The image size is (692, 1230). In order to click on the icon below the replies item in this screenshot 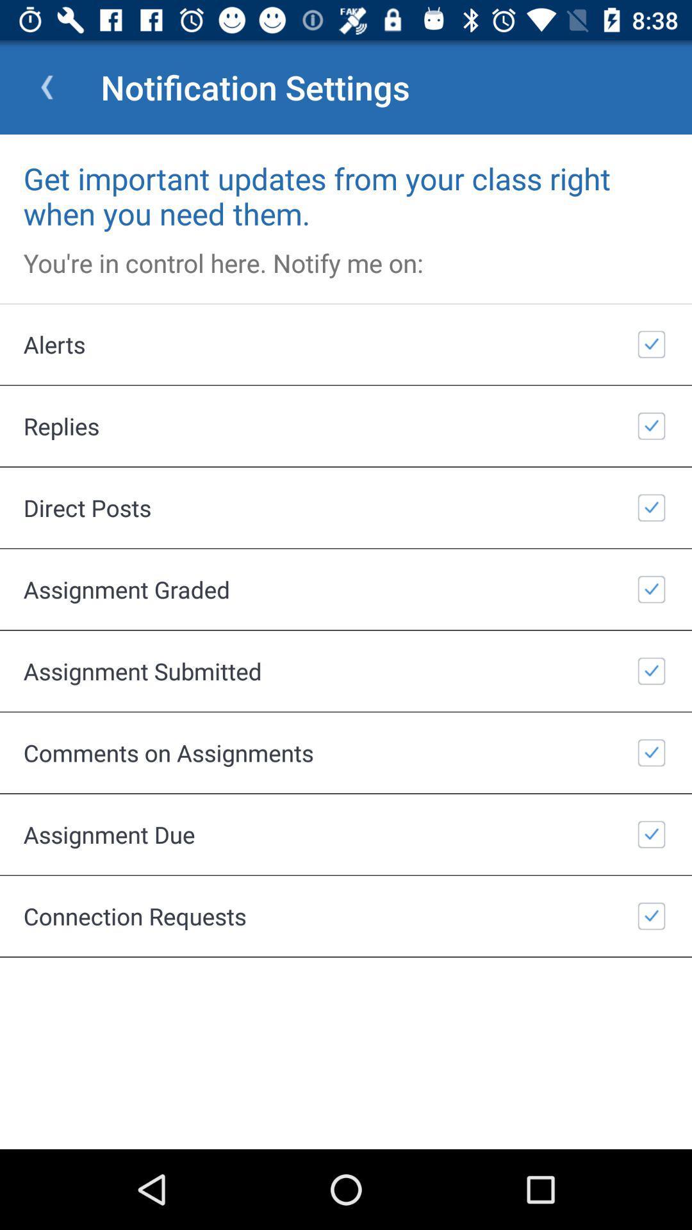, I will do `click(346, 507)`.